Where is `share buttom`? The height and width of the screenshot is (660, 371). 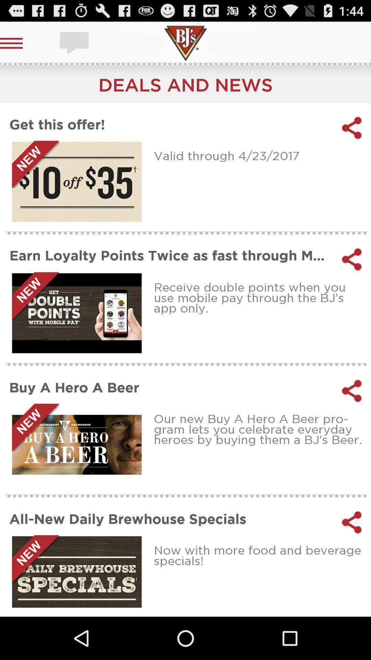 share buttom is located at coordinates (352, 391).